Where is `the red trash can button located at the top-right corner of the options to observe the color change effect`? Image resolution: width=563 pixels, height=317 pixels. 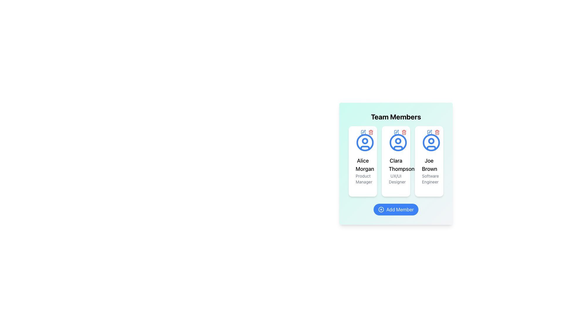 the red trash can button located at the top-right corner of the options to observe the color change effect is located at coordinates (403, 132).